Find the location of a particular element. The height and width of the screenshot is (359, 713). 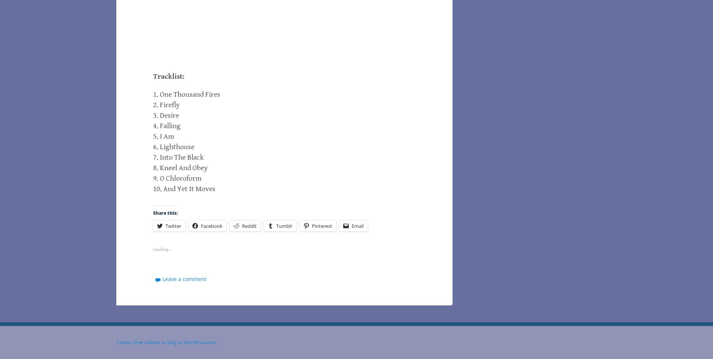

'Leave a comment' is located at coordinates (184, 279).